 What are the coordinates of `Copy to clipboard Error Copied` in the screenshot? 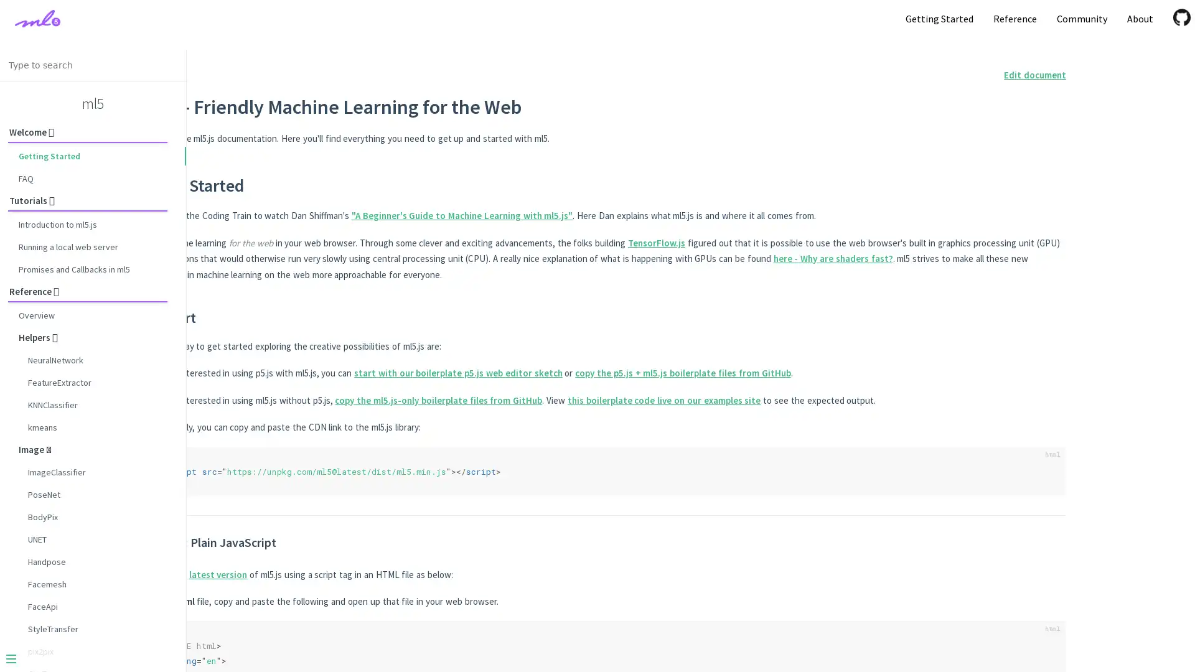 It's located at (1036, 458).